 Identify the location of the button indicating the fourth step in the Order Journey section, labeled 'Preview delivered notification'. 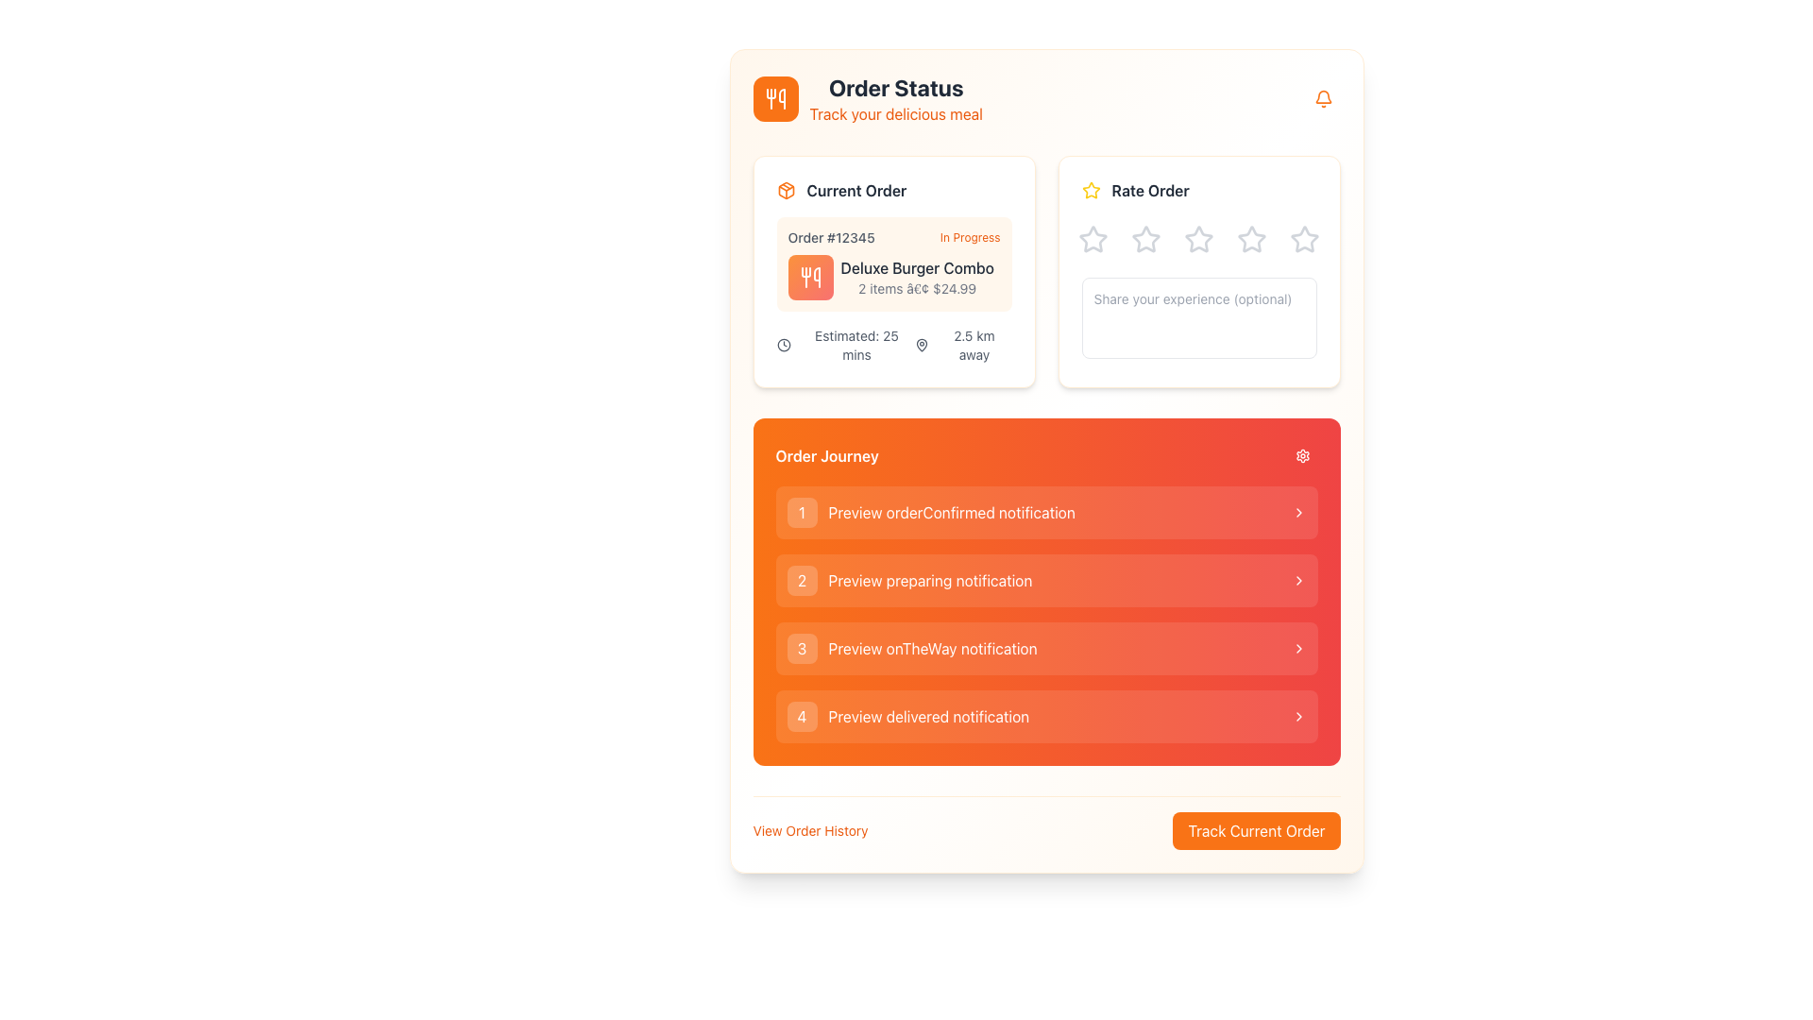
(802, 717).